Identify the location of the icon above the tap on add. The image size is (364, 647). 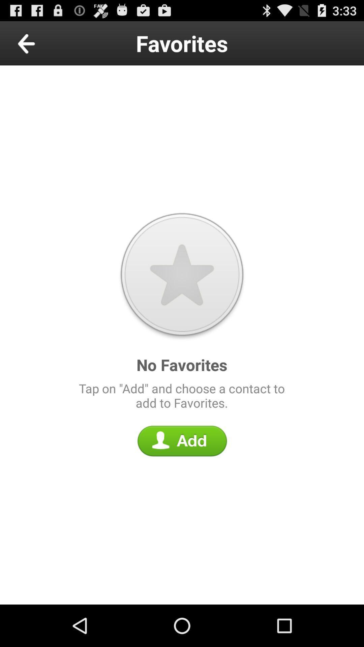
(42, 43).